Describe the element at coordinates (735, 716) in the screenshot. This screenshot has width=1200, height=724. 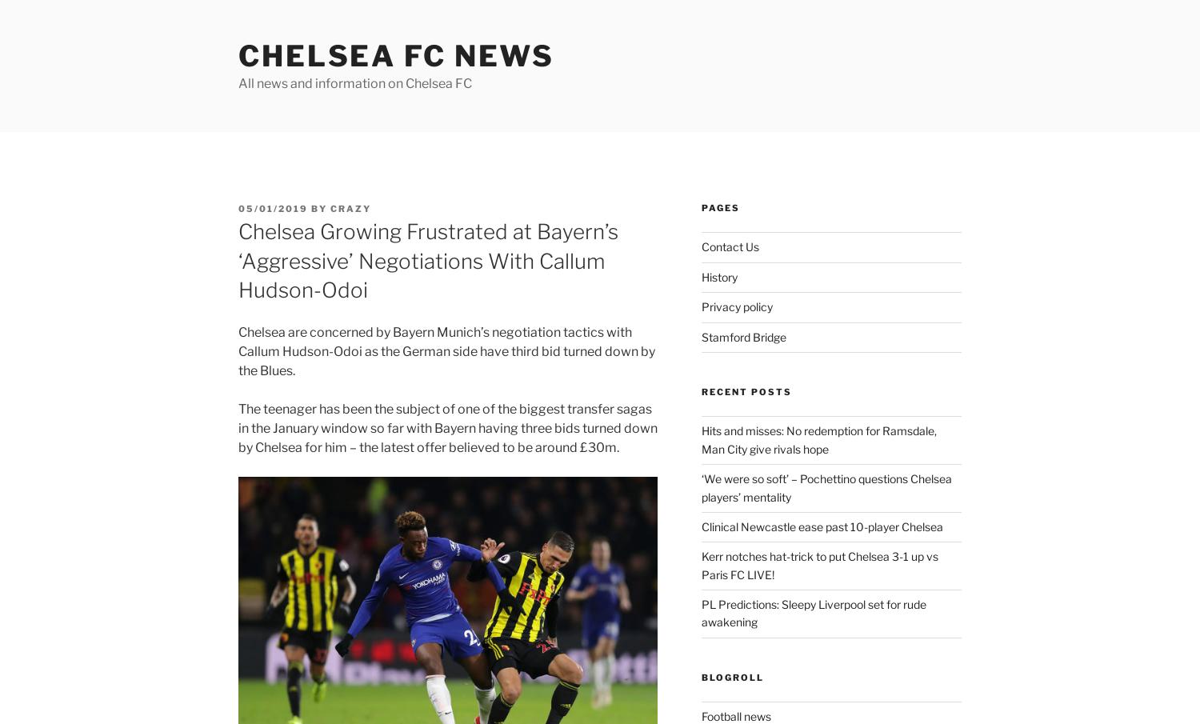
I see `'Football news'` at that location.